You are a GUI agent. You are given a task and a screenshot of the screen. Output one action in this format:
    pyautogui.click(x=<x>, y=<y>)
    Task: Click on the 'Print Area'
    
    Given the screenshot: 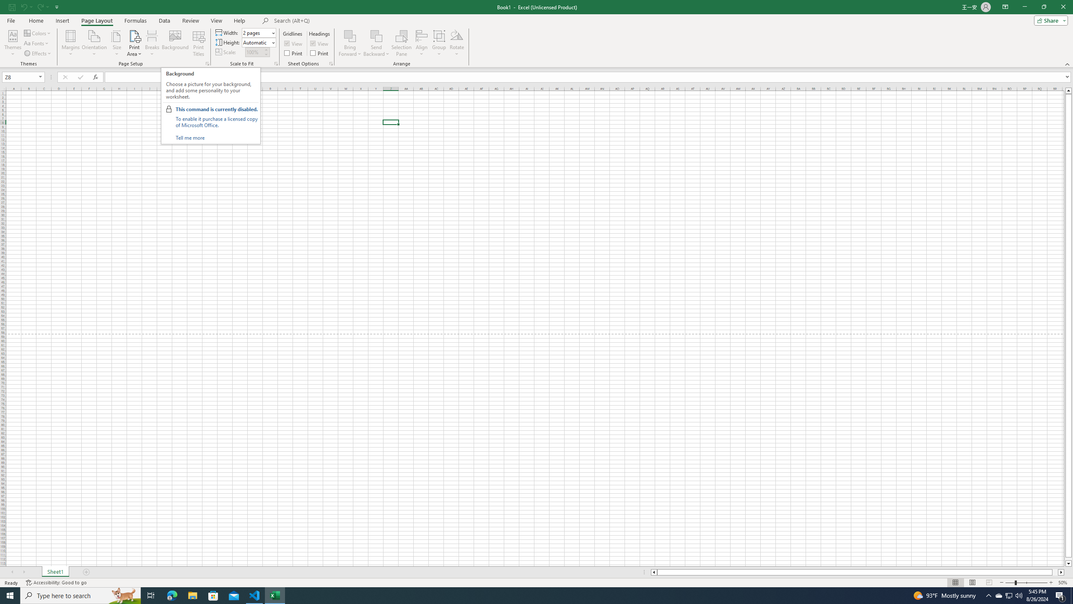 What is the action you would take?
    pyautogui.click(x=135, y=43)
    